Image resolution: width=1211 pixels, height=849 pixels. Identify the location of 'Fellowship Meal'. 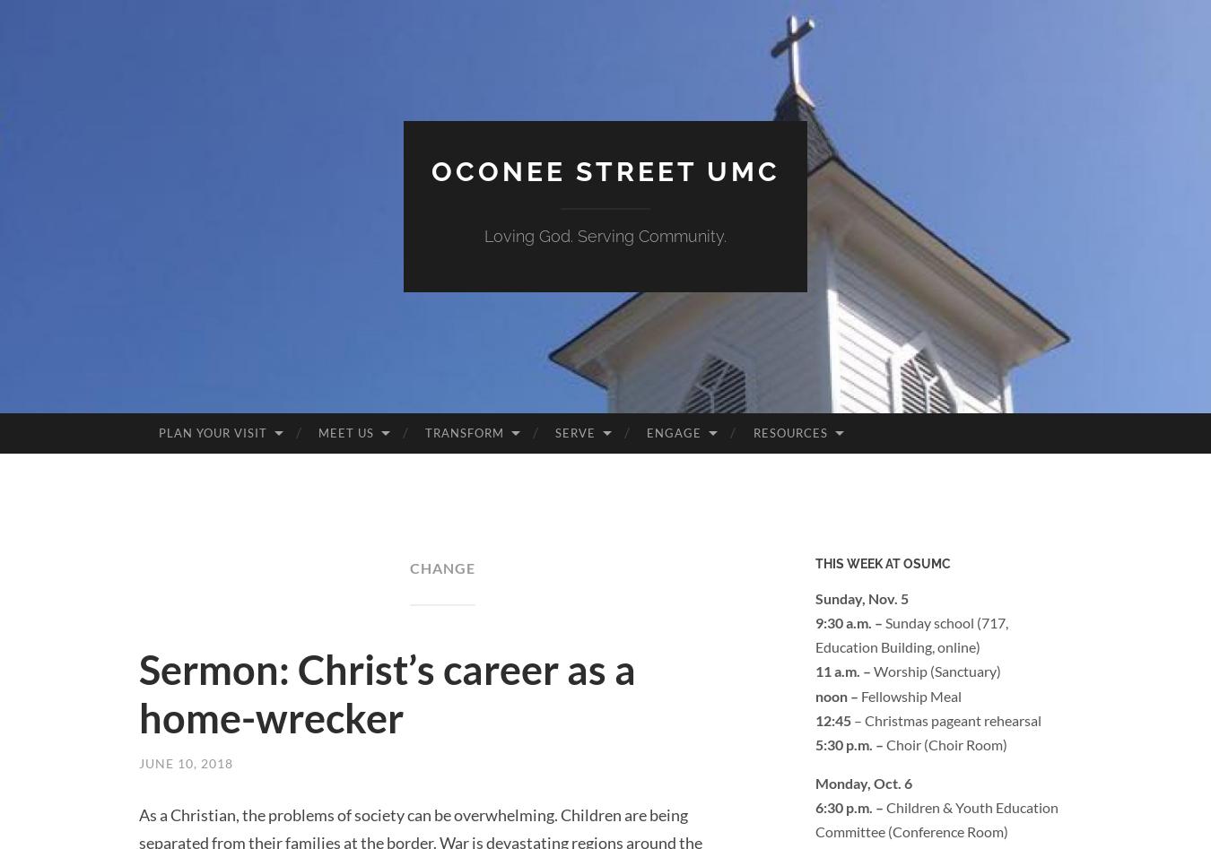
(911, 695).